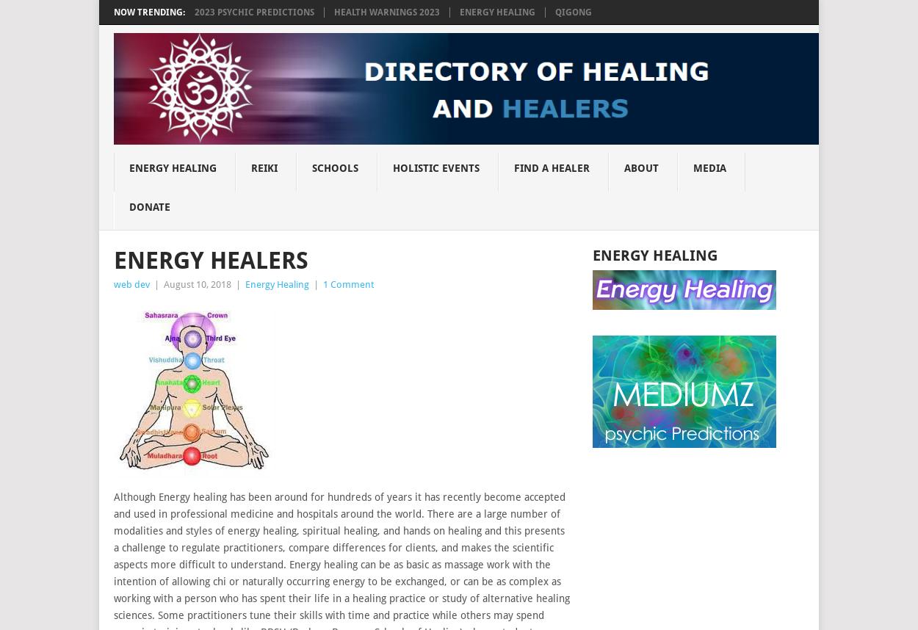  What do you see at coordinates (692, 166) in the screenshot?
I see `'MEDIA'` at bounding box center [692, 166].